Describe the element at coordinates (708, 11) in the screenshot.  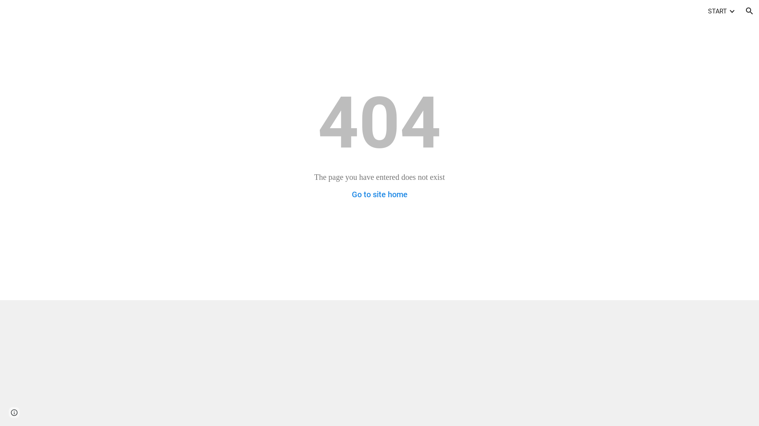
I see `'START'` at that location.